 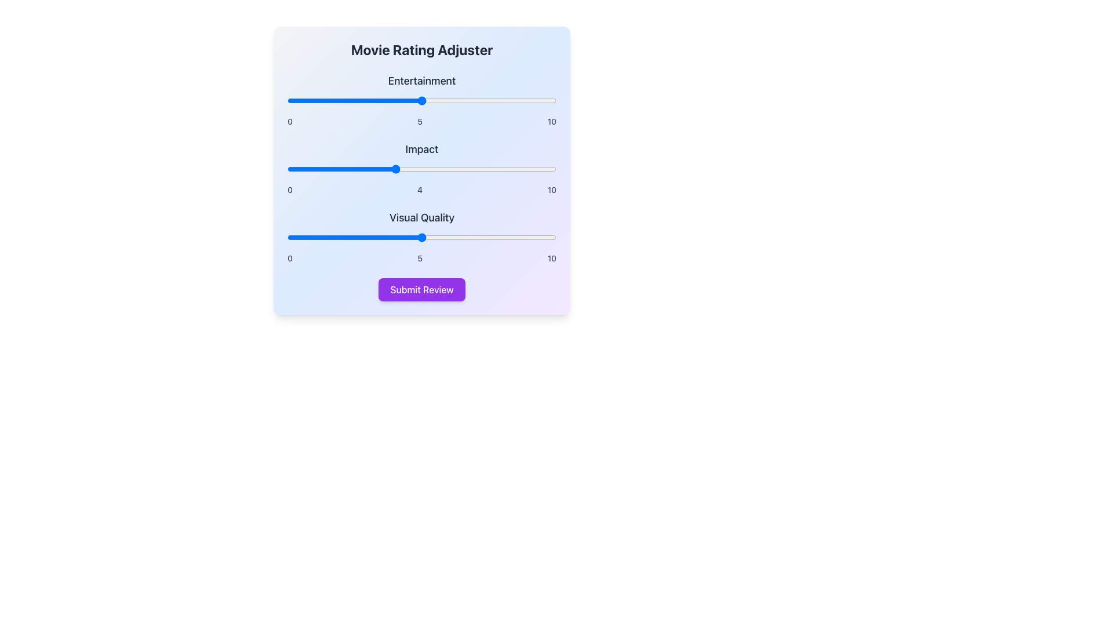 What do you see at coordinates (368, 100) in the screenshot?
I see `Entertainment rating` at bounding box center [368, 100].